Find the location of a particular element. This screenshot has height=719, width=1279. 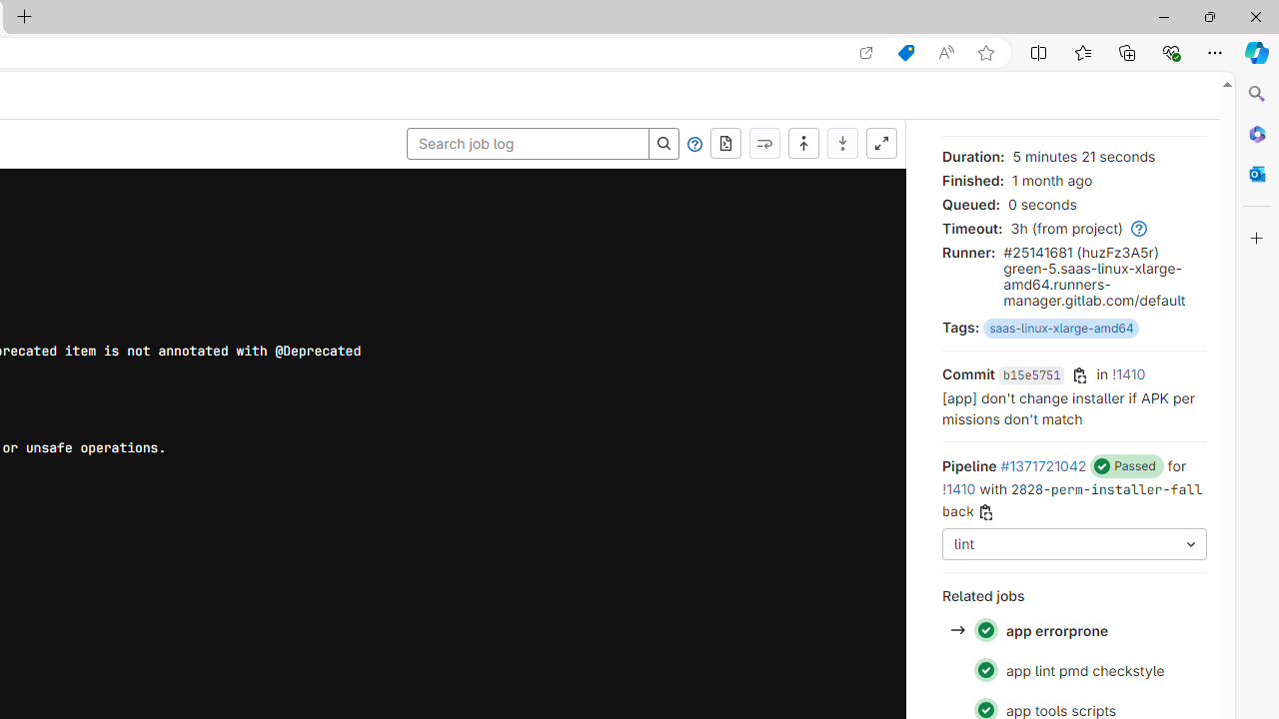

'Status: Passed app lint pmd checkstyle' is located at coordinates (1071, 670).